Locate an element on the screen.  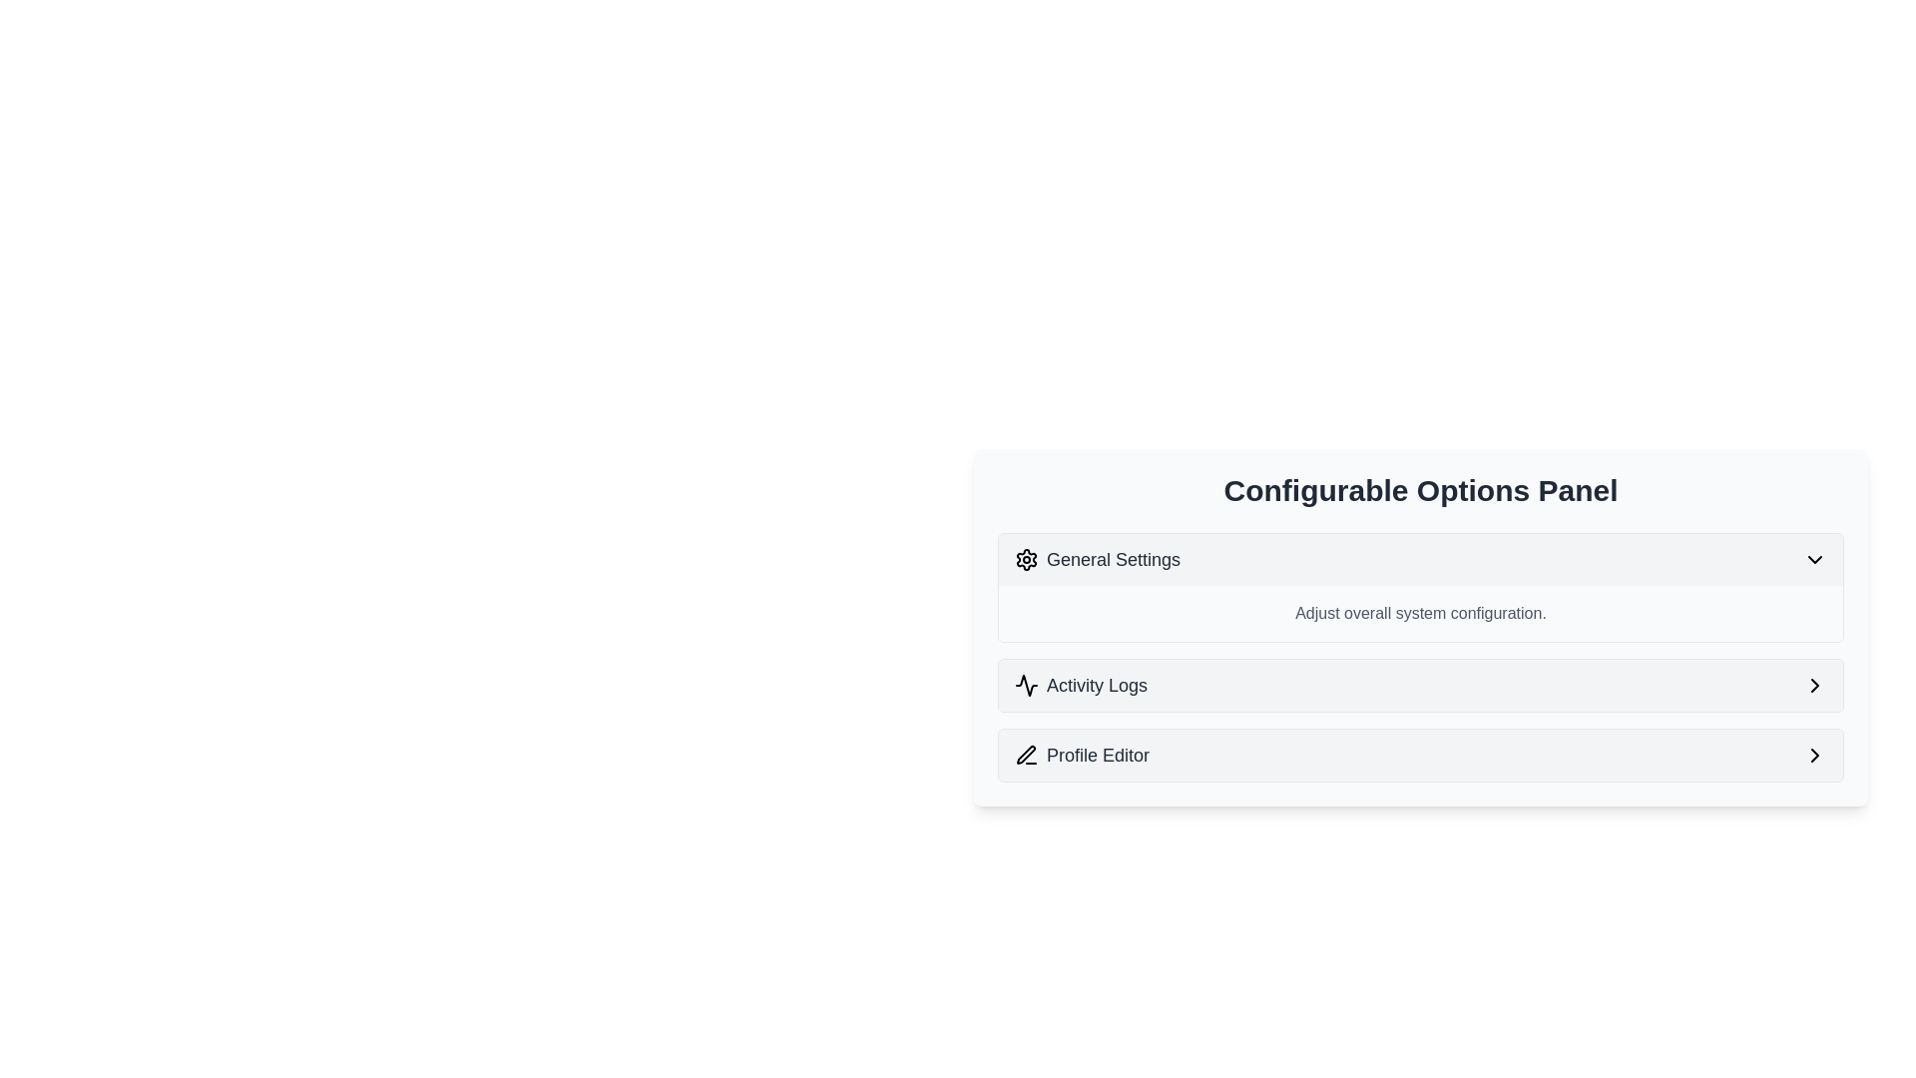
the Chevron icon located on the far-right side of the 'Activity Logs' section within the 'Configurable Options Panel' is located at coordinates (1815, 684).